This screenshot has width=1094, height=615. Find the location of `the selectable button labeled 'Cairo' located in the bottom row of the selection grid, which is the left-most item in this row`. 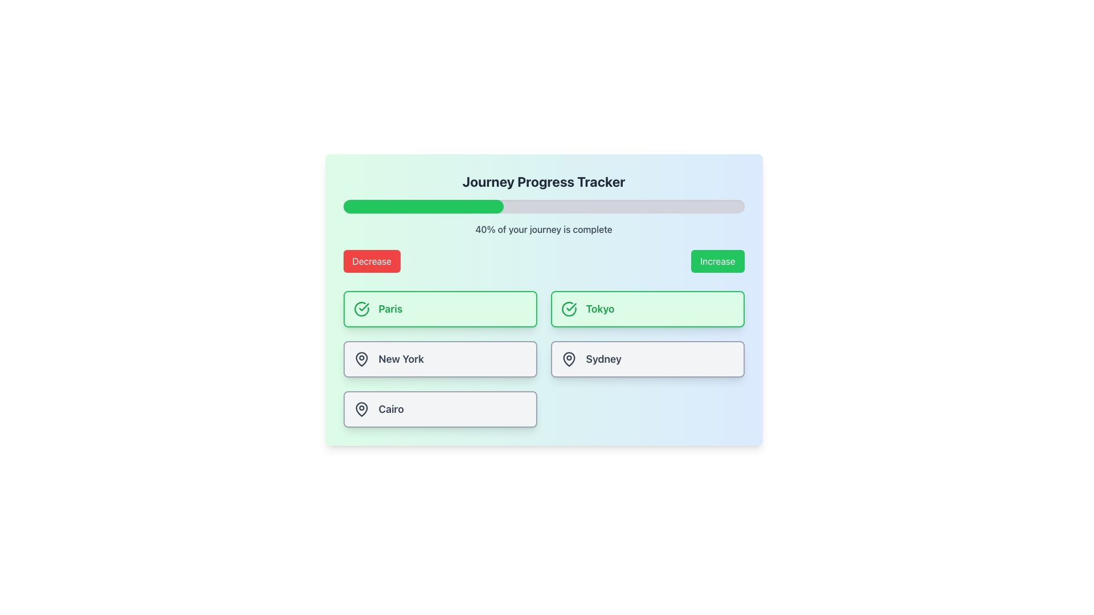

the selectable button labeled 'Cairo' located in the bottom row of the selection grid, which is the left-most item in this row is located at coordinates (439, 408).